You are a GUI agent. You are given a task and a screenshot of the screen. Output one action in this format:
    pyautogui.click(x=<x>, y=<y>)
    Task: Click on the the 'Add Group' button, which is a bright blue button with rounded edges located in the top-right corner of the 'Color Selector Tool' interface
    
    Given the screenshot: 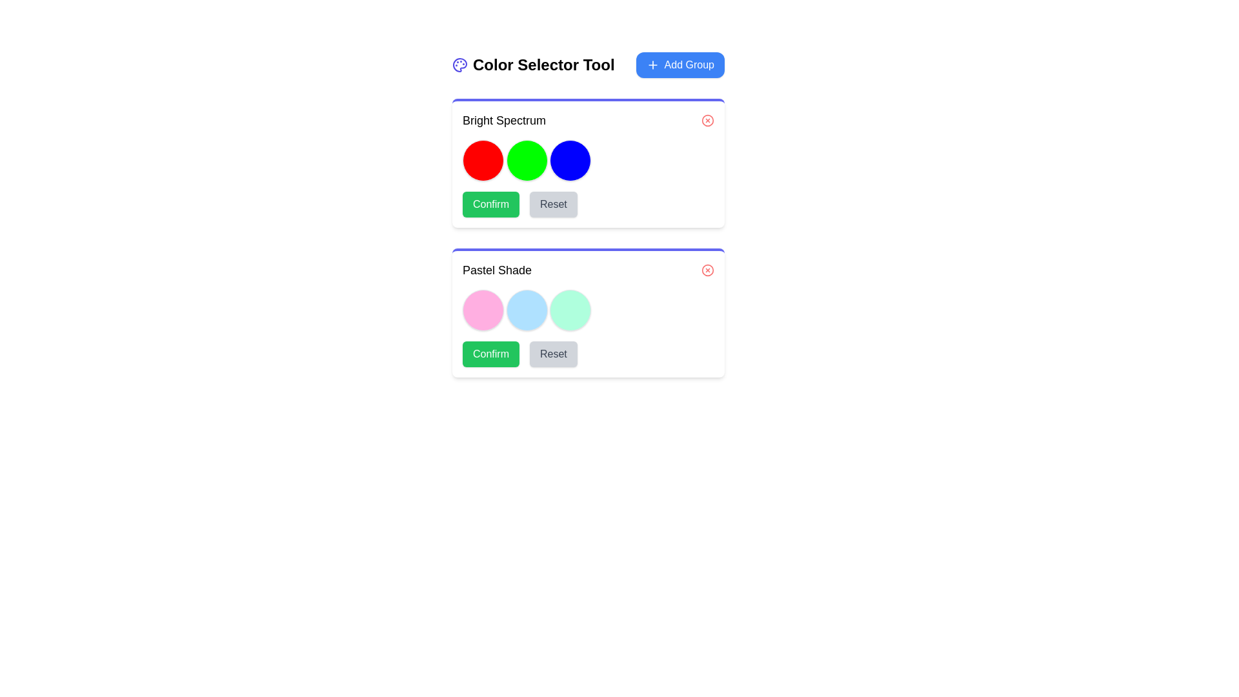 What is the action you would take?
    pyautogui.click(x=680, y=65)
    